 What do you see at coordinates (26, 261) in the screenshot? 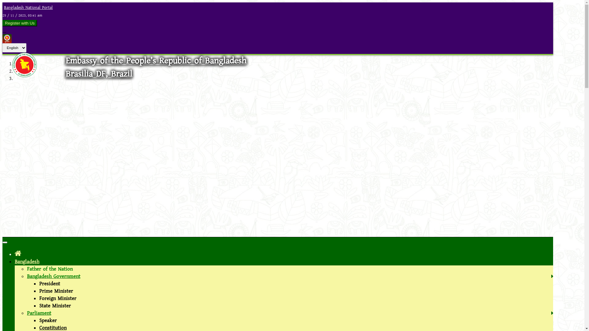
I see `'Bangladesh'` at bounding box center [26, 261].